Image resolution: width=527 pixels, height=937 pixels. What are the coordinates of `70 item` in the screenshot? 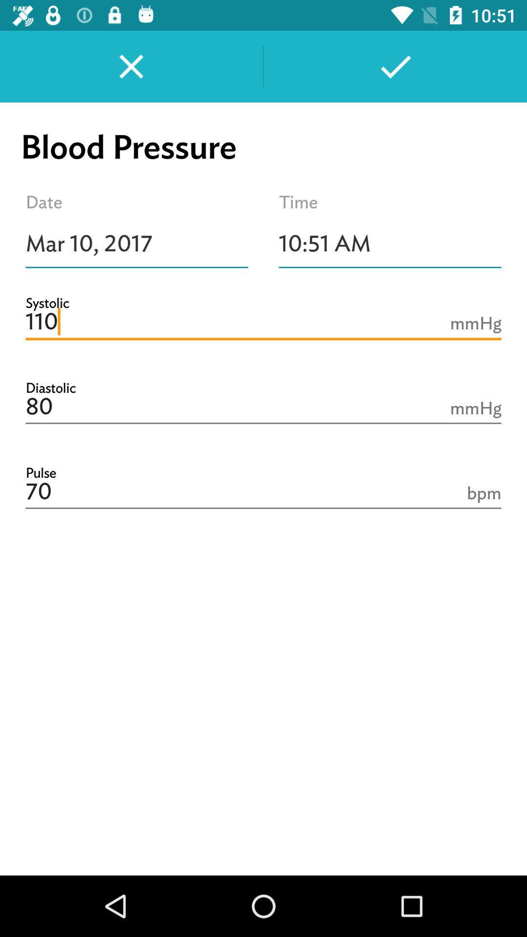 It's located at (263, 492).